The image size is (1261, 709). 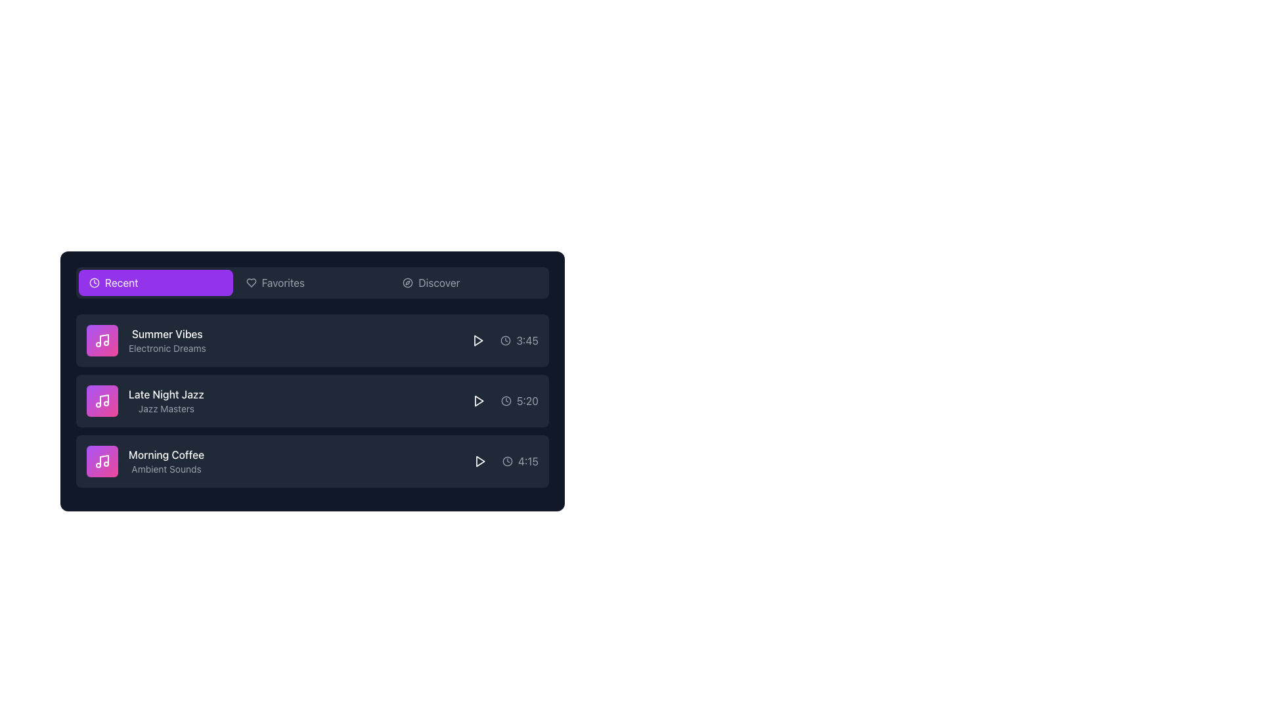 What do you see at coordinates (311, 282) in the screenshot?
I see `the tab in the tab bar located at the top of the content section` at bounding box center [311, 282].